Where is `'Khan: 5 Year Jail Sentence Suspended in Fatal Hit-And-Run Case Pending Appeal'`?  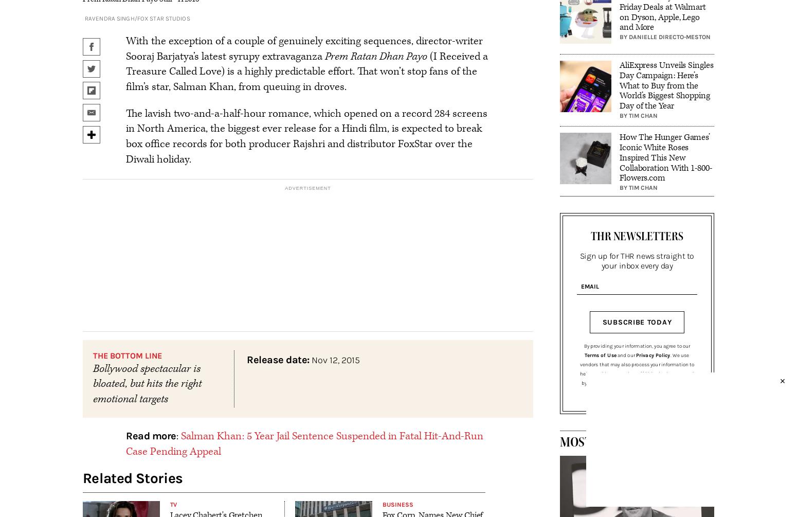
'Khan: 5 Year Jail Sentence Suspended in Fatal Hit-And-Run Case Pending Appeal' is located at coordinates (304, 442).